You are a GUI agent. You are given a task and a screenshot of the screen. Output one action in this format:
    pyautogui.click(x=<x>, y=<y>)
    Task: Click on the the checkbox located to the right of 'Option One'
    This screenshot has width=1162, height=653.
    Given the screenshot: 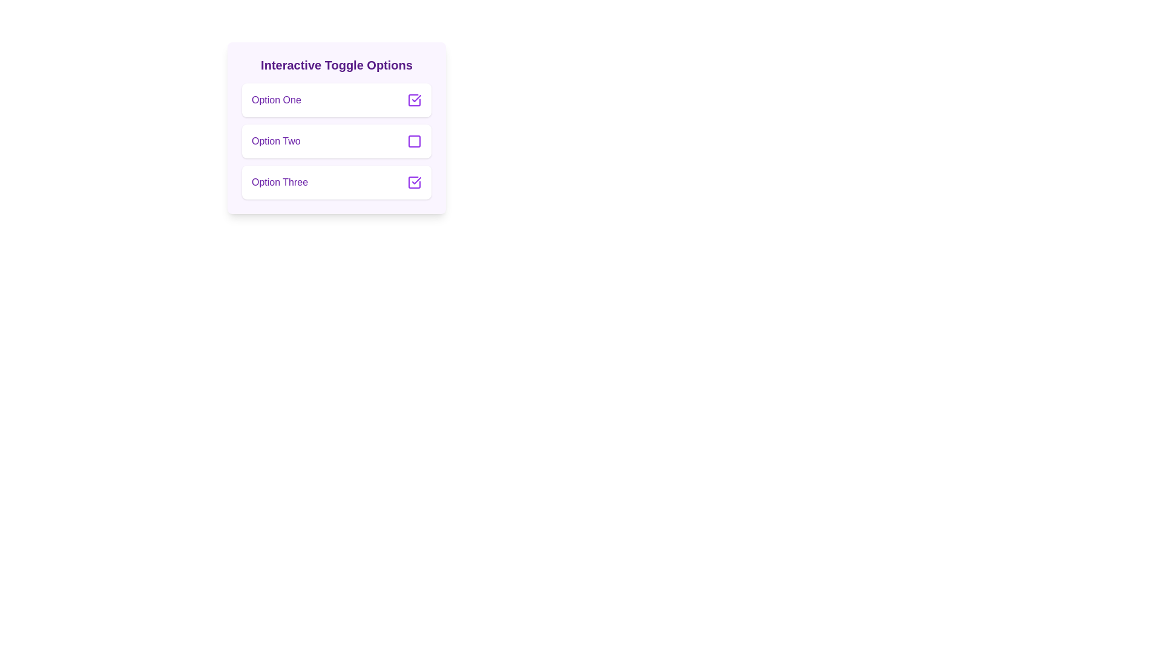 What is the action you would take?
    pyautogui.click(x=415, y=99)
    